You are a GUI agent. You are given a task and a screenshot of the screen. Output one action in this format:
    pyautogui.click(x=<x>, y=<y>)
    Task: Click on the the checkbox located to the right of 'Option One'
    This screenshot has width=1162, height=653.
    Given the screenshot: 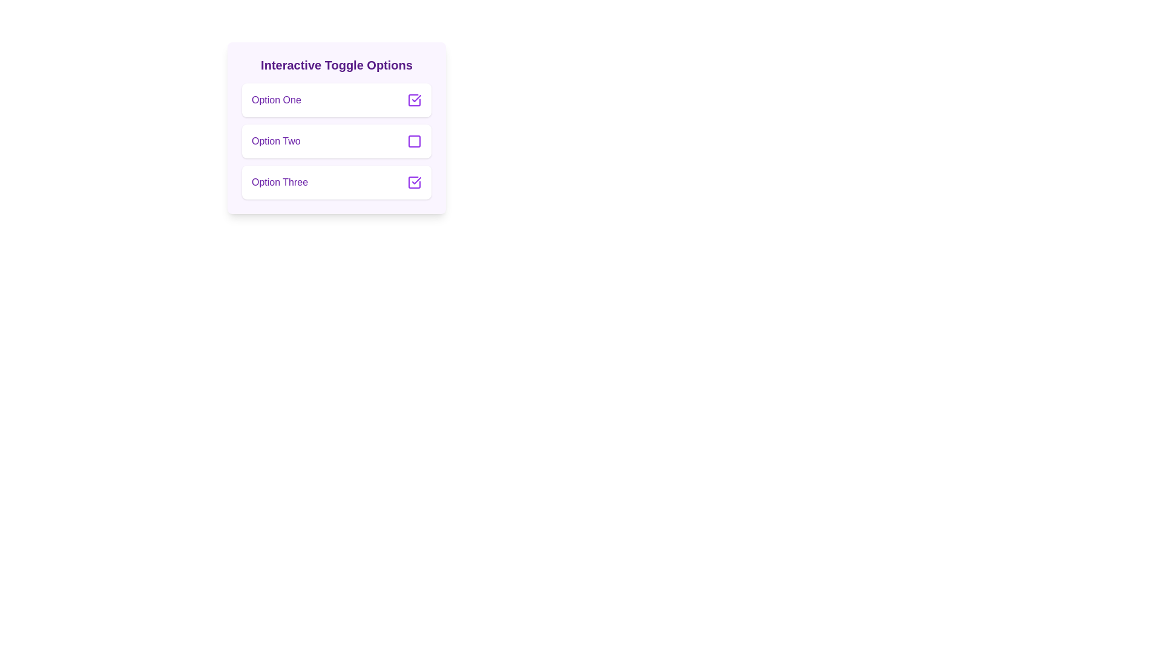 What is the action you would take?
    pyautogui.click(x=415, y=99)
    